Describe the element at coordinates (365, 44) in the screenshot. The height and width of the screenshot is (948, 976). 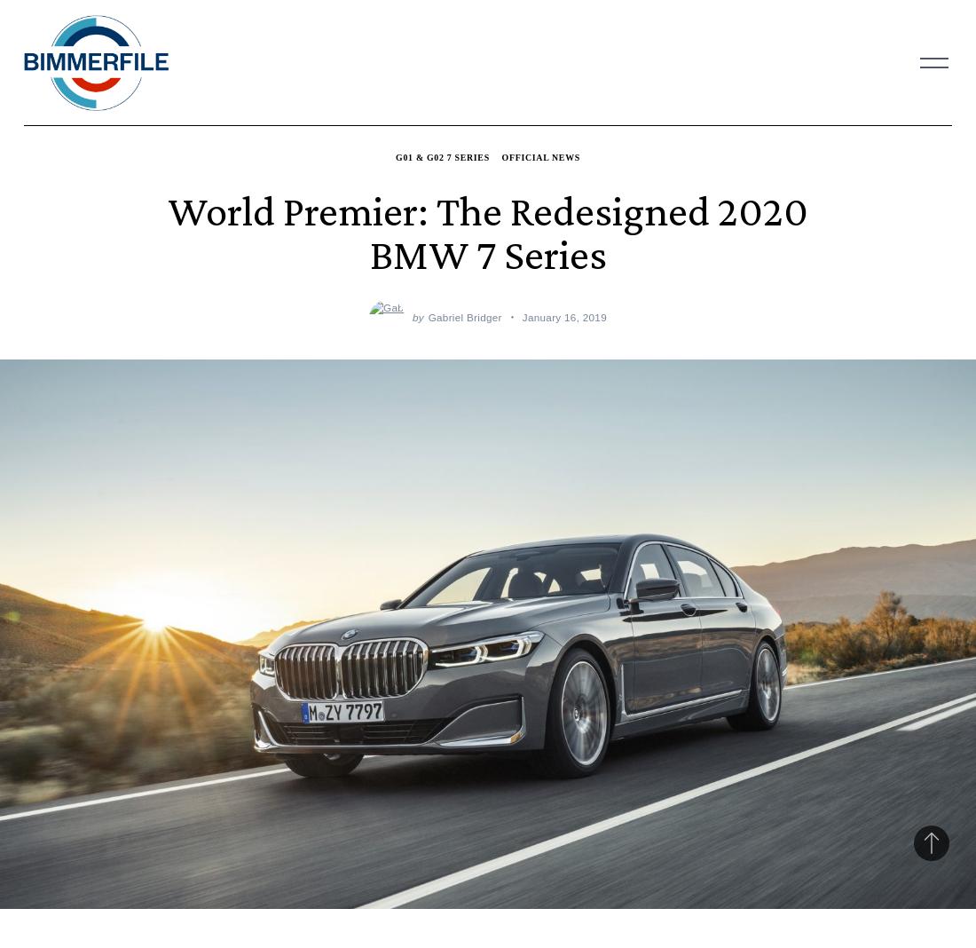
I see `'M1'` at that location.